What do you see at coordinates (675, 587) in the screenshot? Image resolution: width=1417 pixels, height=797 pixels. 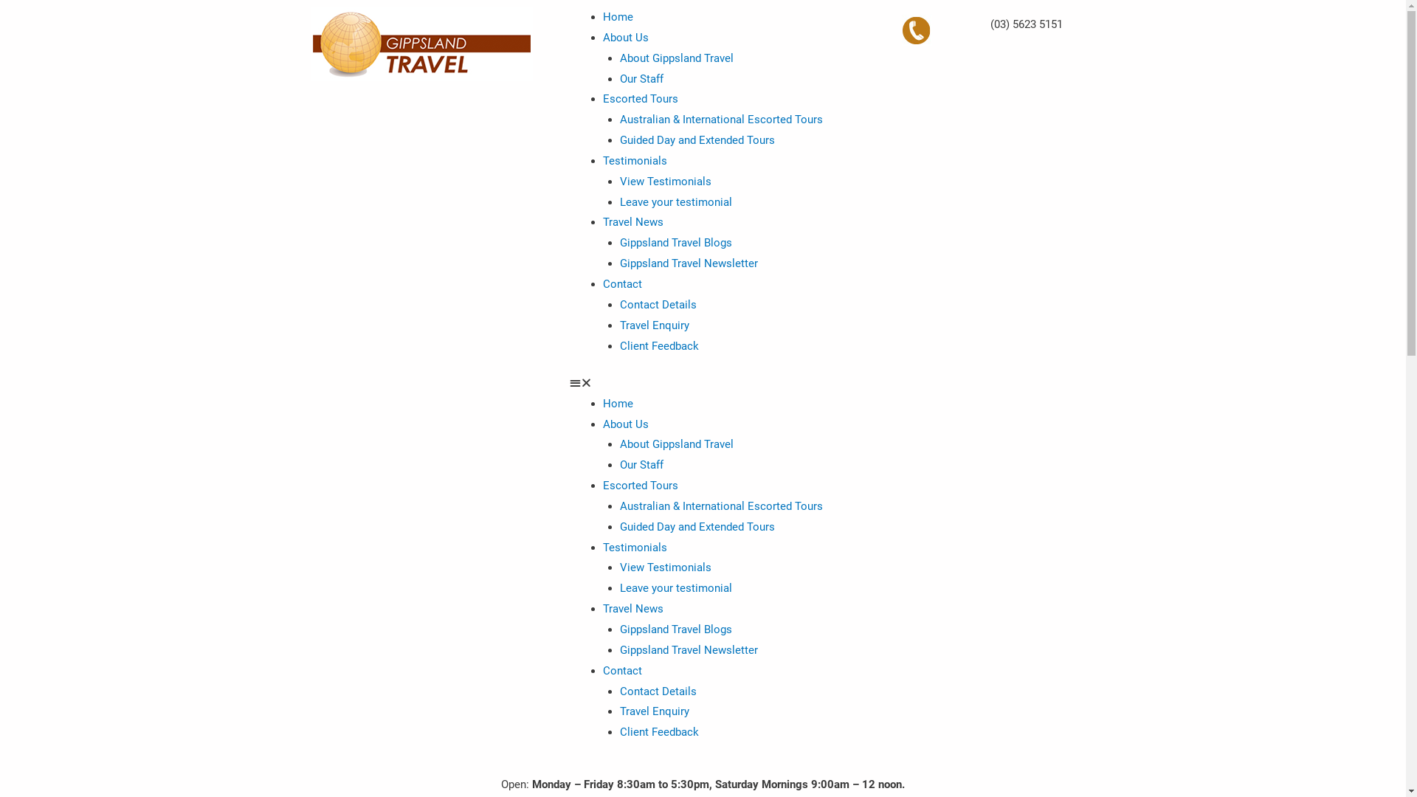 I see `'Leave your testimonial'` at bounding box center [675, 587].